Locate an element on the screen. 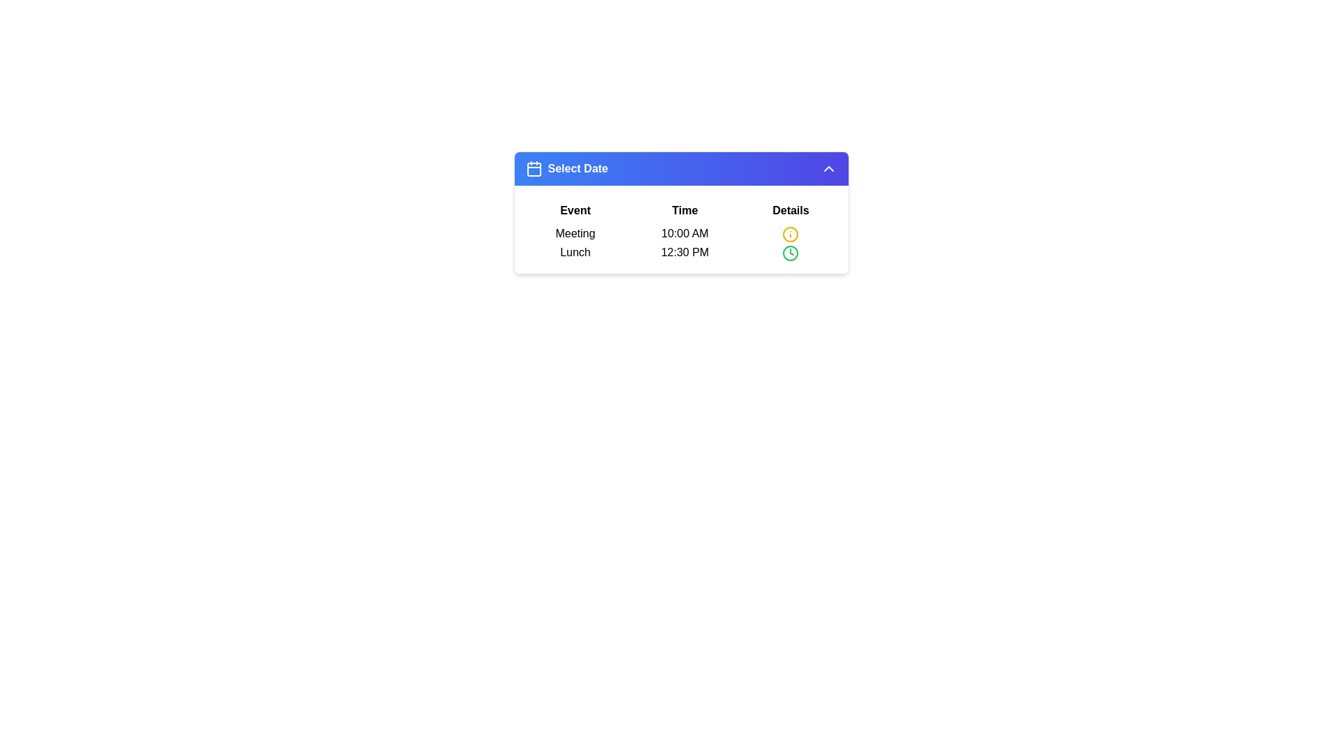 This screenshot has height=754, width=1341. the third subcomponent of the calendar-shaped icon that represents a part of the calendar, located to the left of the 'Select Date' header is located at coordinates (533, 169).